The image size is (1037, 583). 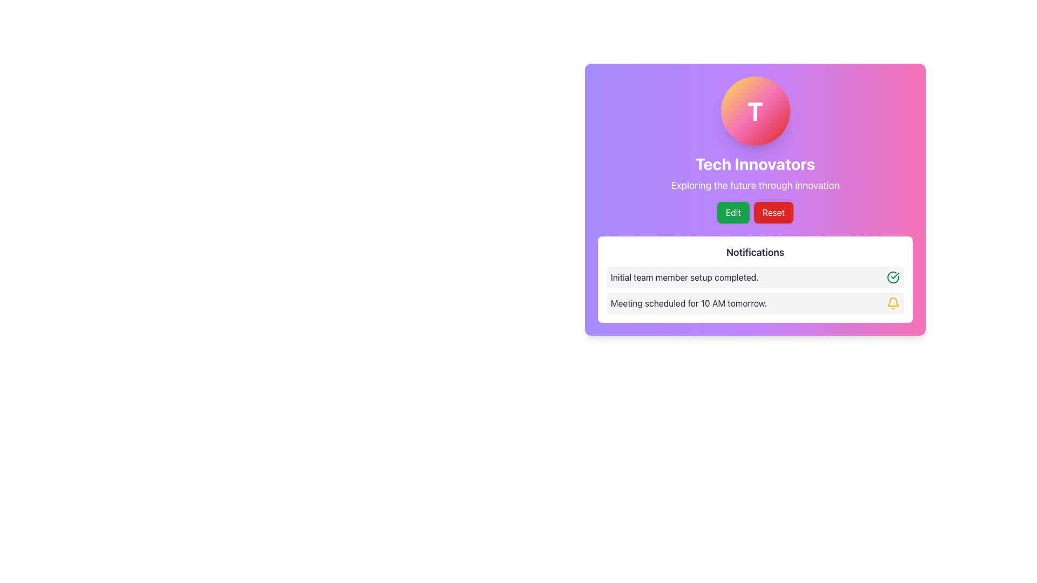 I want to click on the 'Reset' button, which is a rectangular button with a red background and white text, located below the 'Tech Innovators' title and adjacent to a green 'Edit' button, so click(x=773, y=212).